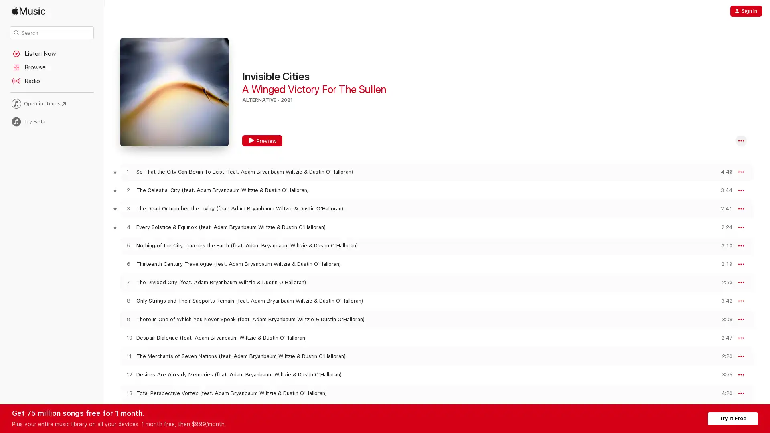  Describe the element at coordinates (741, 190) in the screenshot. I see `More` at that location.